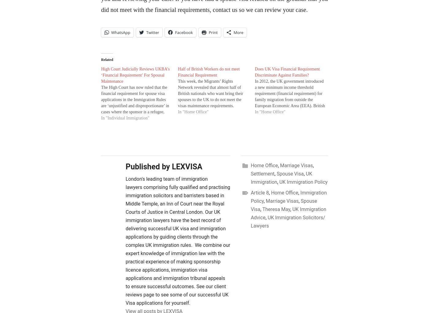  What do you see at coordinates (152, 32) in the screenshot?
I see `'Twitter'` at bounding box center [152, 32].